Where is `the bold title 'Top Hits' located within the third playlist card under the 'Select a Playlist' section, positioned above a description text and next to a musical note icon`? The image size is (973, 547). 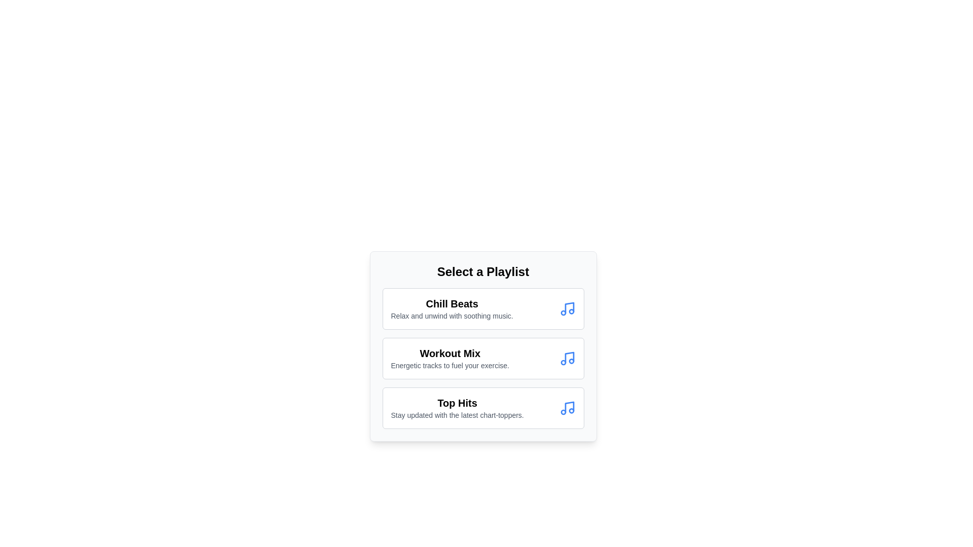
the bold title 'Top Hits' located within the third playlist card under the 'Select a Playlist' section, positioned above a description text and next to a musical note icon is located at coordinates (457, 402).